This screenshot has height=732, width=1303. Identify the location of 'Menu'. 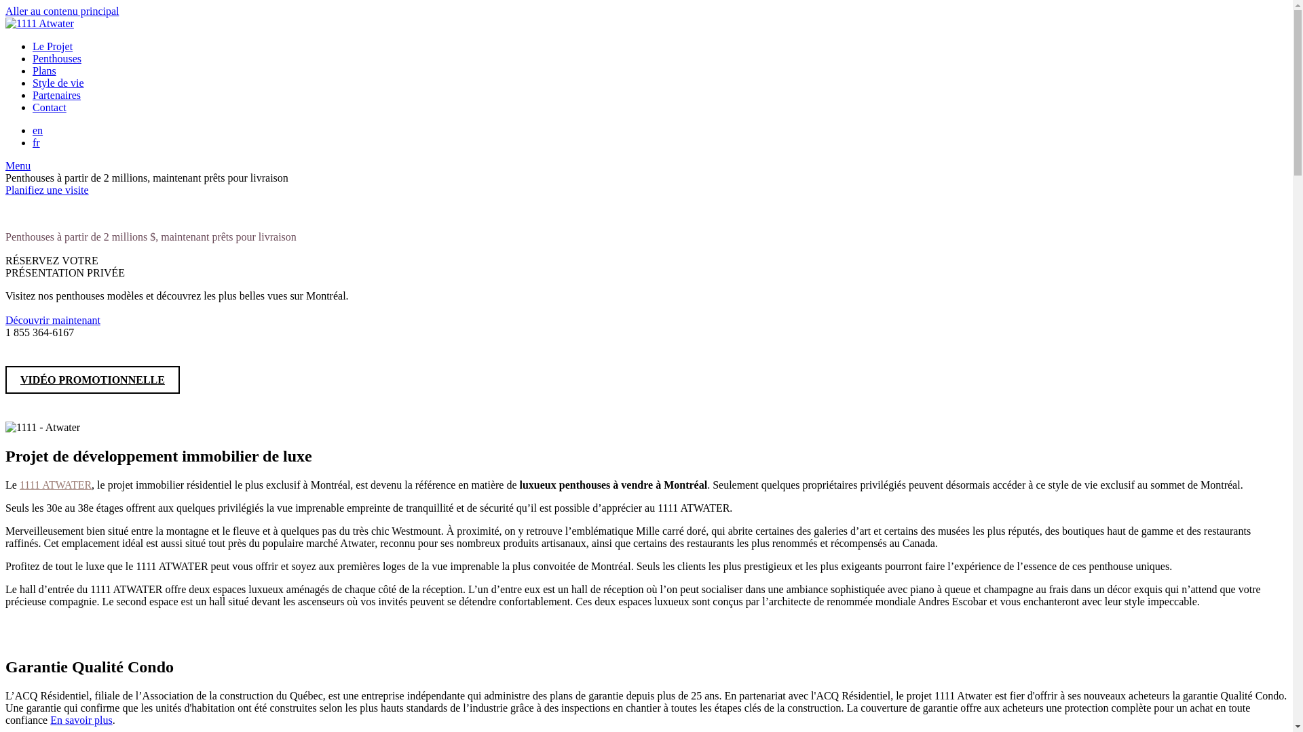
(18, 165).